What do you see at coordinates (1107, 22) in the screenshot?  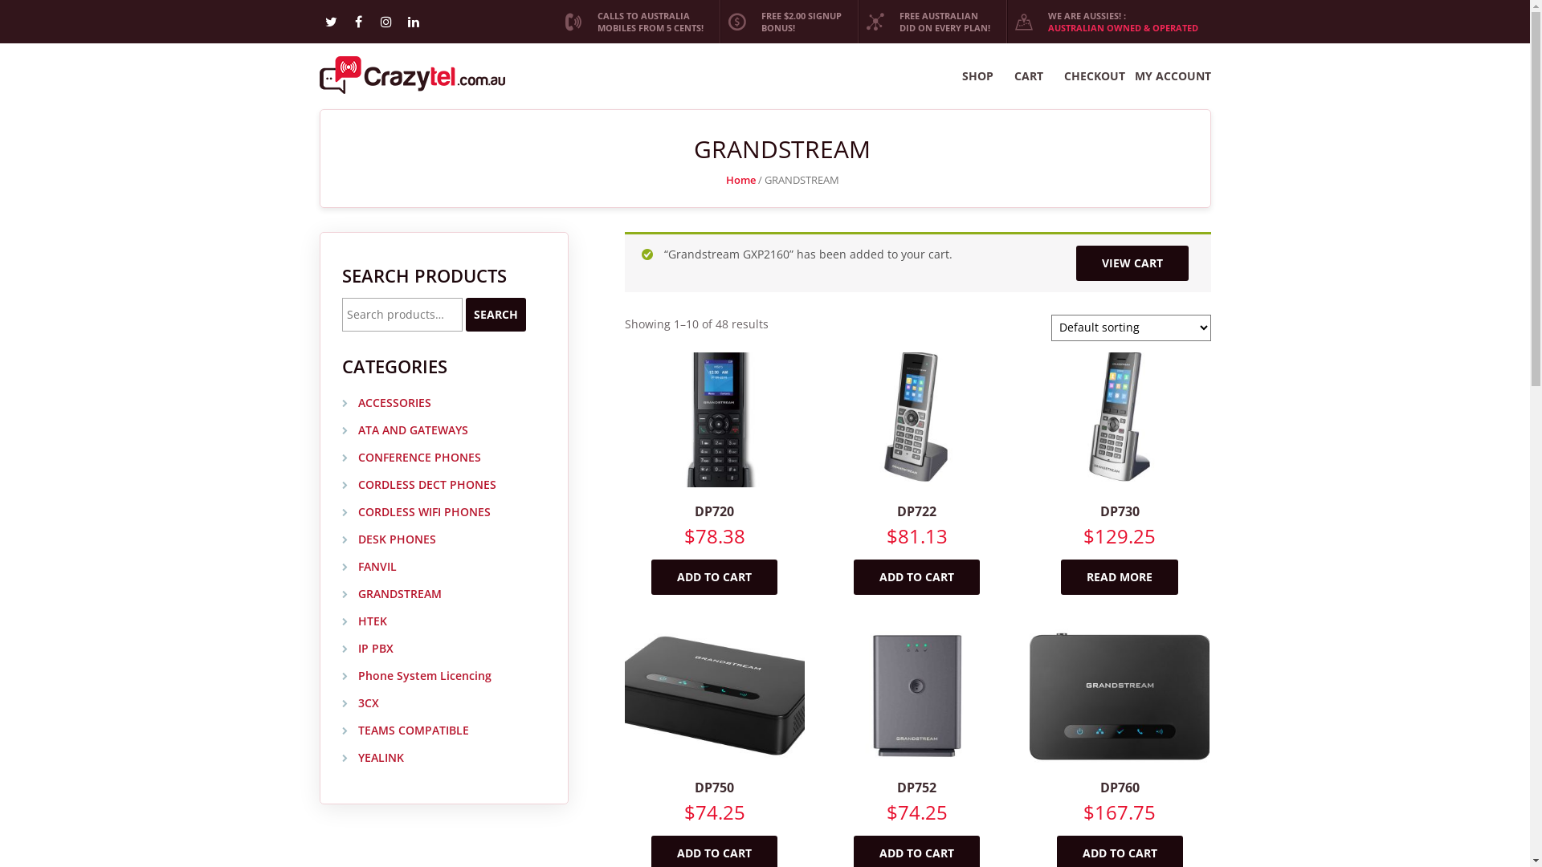 I see `'WE ARE AUSSIES! :` at bounding box center [1107, 22].